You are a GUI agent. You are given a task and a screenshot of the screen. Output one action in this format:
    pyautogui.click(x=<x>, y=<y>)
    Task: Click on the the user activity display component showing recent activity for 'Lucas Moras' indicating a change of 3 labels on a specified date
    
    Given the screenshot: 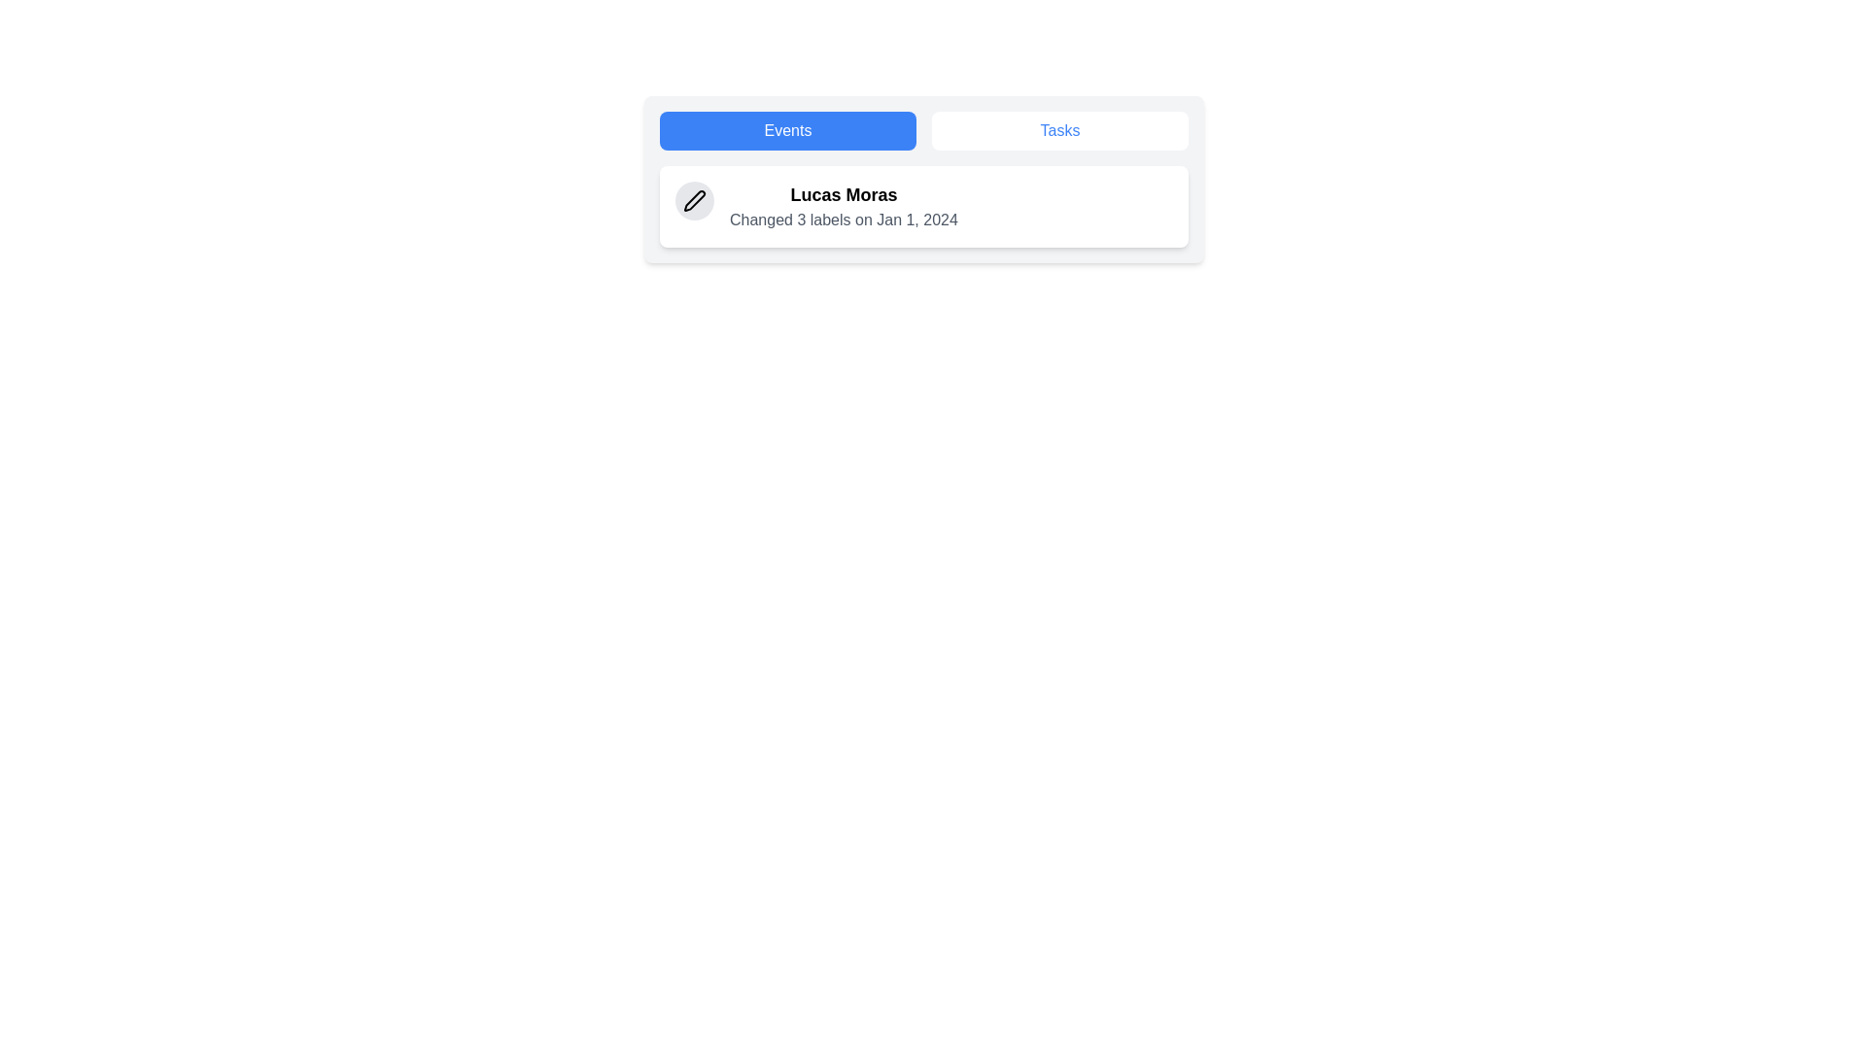 What is the action you would take?
    pyautogui.click(x=922, y=206)
    